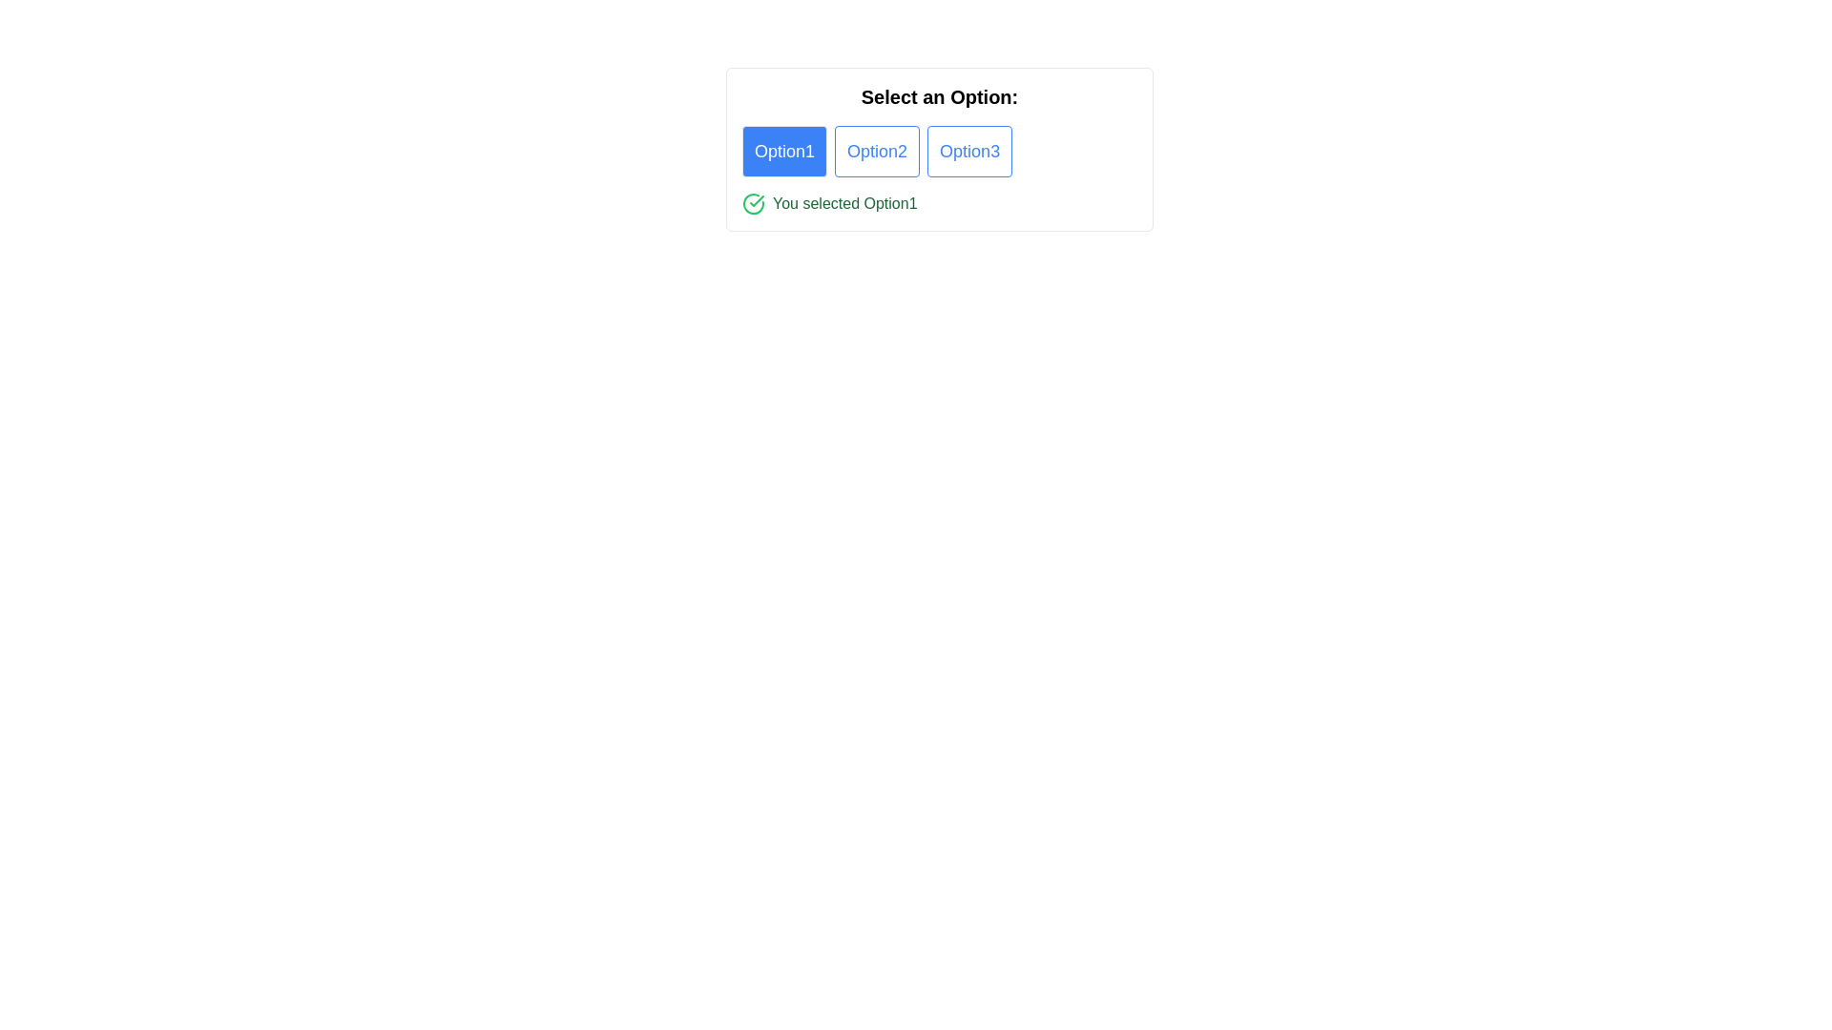  I want to click on the feedback message indicating that 'Option1' has been selected, so click(939, 203).